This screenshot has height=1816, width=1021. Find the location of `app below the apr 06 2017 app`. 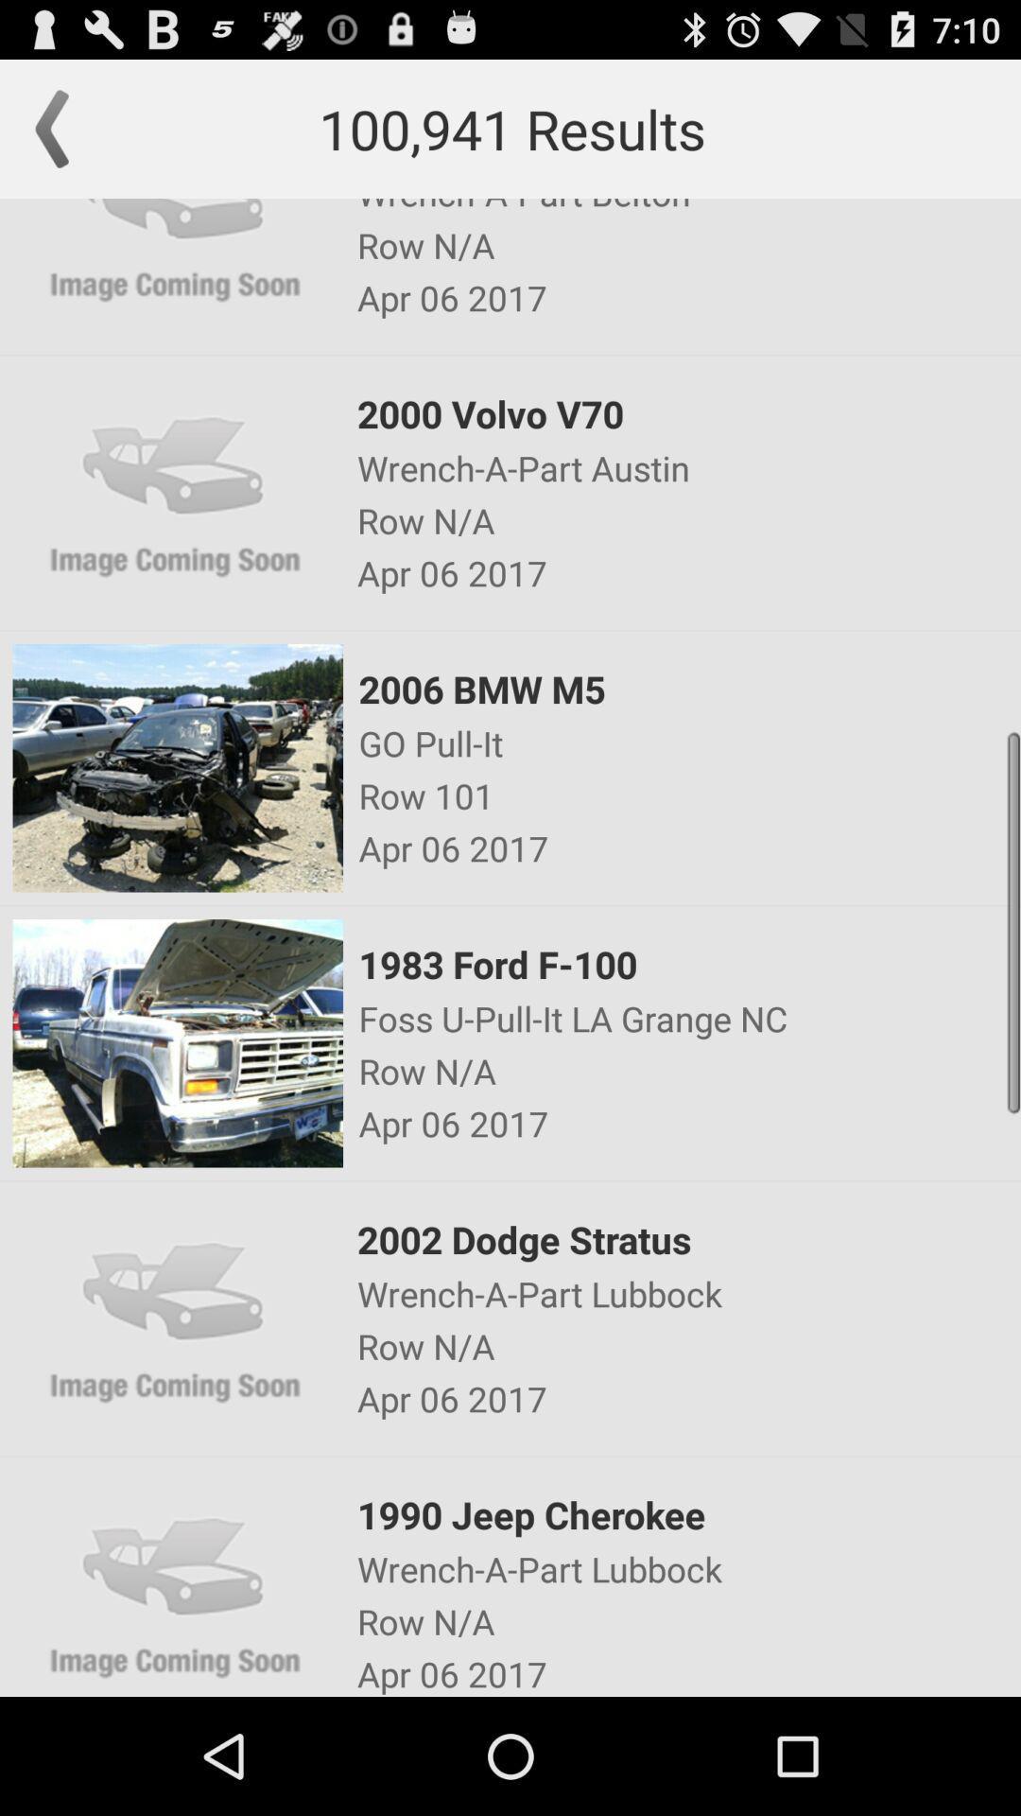

app below the apr 06 2017 app is located at coordinates (688, 964).